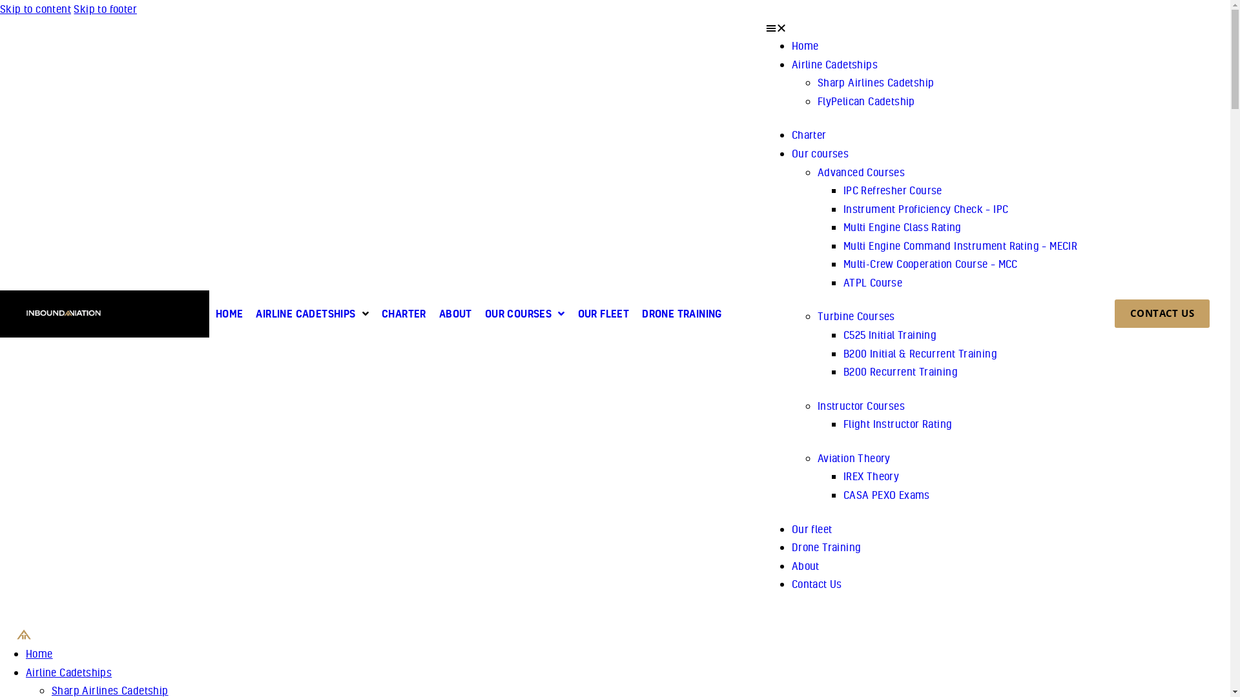  What do you see at coordinates (900, 371) in the screenshot?
I see `'B200 Recurrent Training'` at bounding box center [900, 371].